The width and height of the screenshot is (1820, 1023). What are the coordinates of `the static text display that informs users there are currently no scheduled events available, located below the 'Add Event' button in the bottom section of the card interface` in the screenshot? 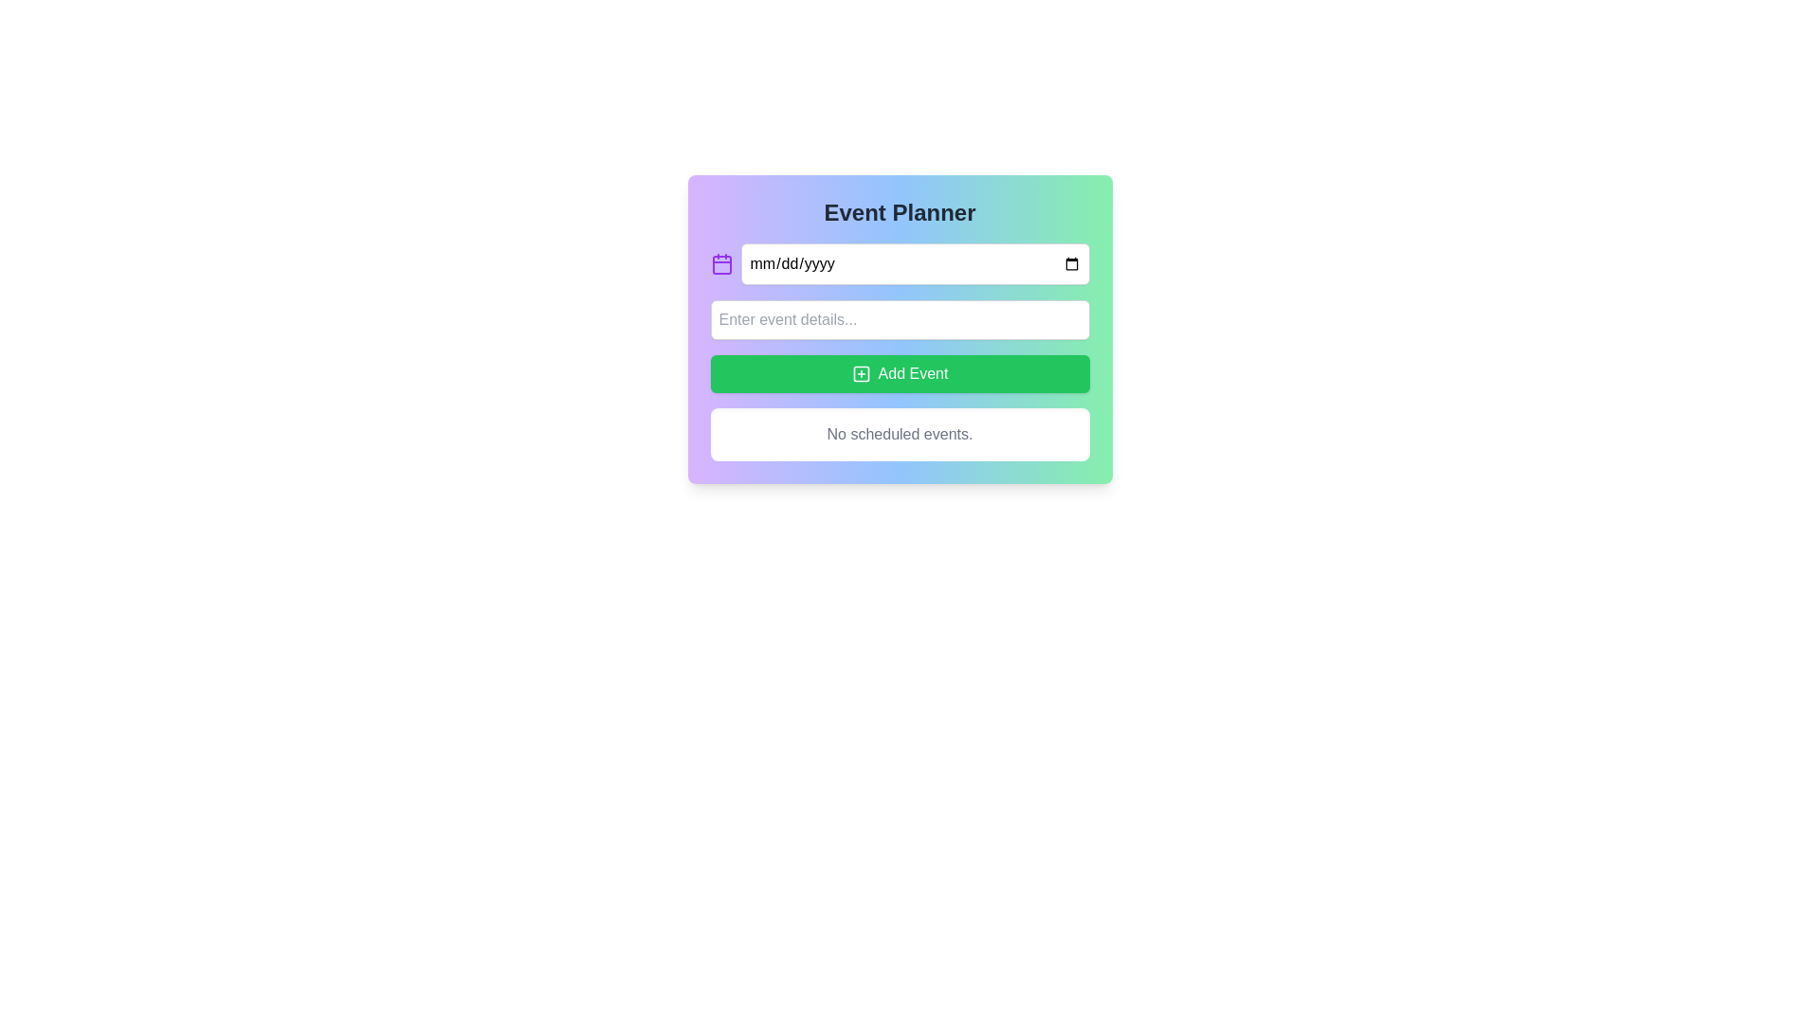 It's located at (899, 435).